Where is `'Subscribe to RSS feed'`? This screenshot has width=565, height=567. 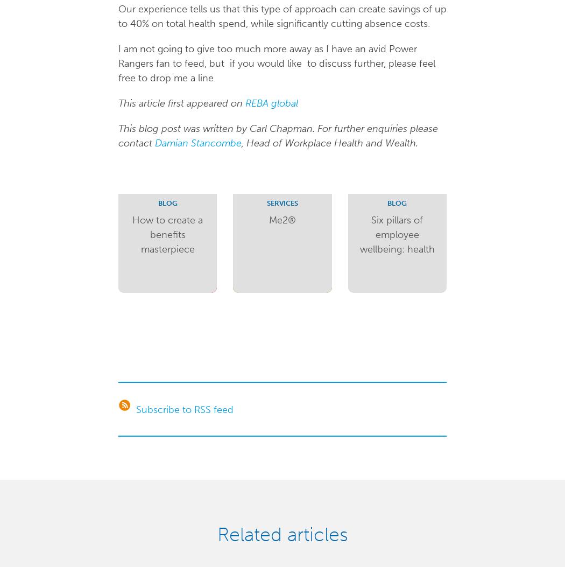
'Subscribe to RSS feed' is located at coordinates (183, 408).